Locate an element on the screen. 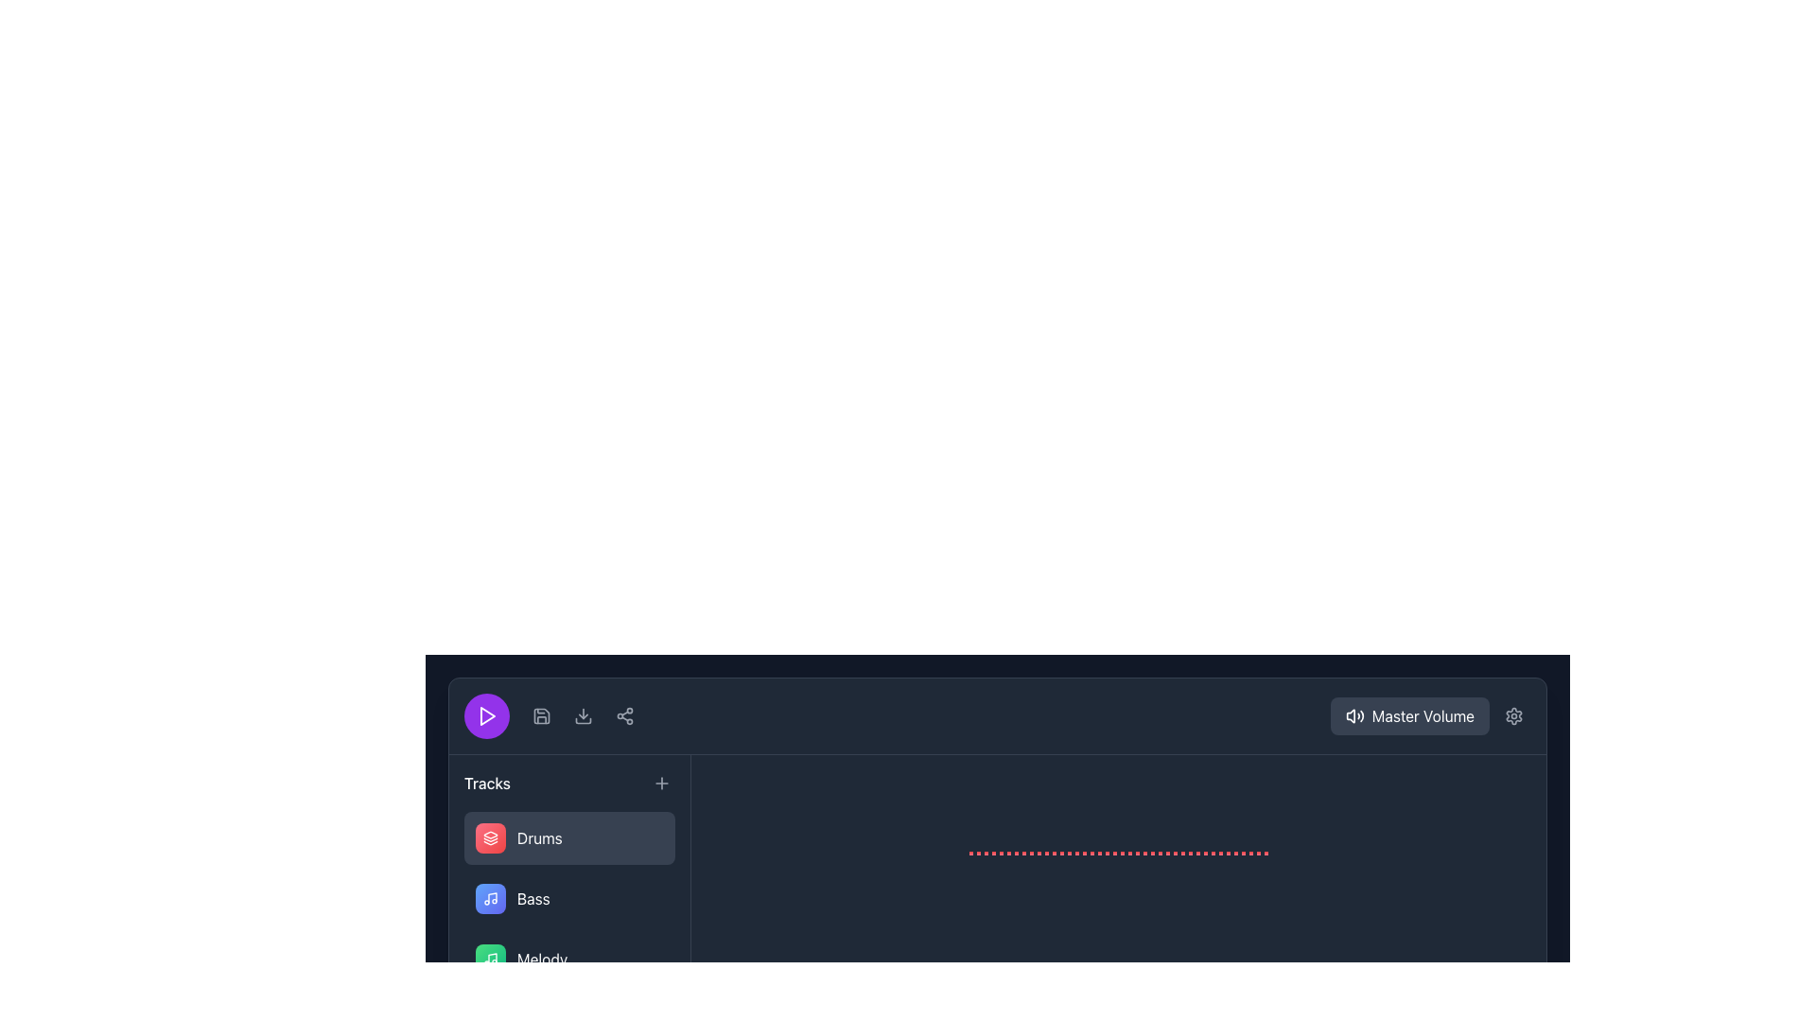 Image resolution: width=1816 pixels, height=1022 pixels. the download icon is located at coordinates (583, 715).